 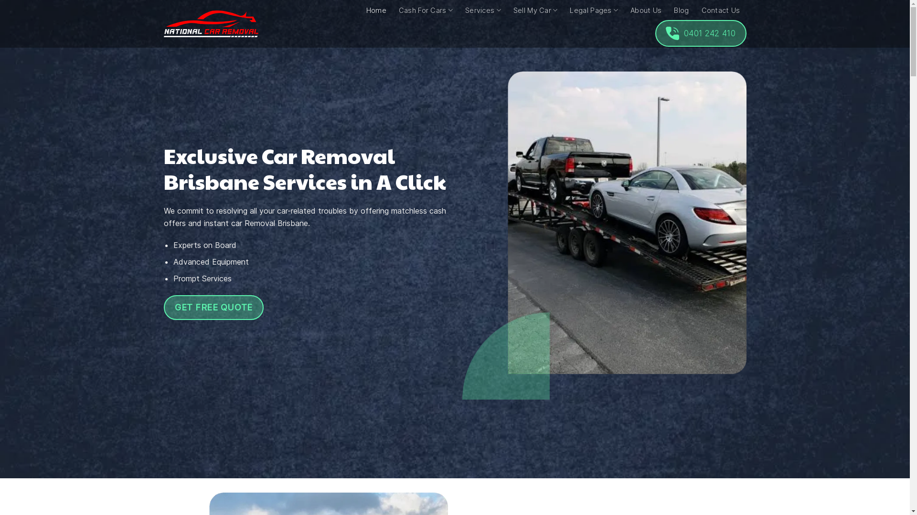 I want to click on 'Services', so click(x=465, y=10).